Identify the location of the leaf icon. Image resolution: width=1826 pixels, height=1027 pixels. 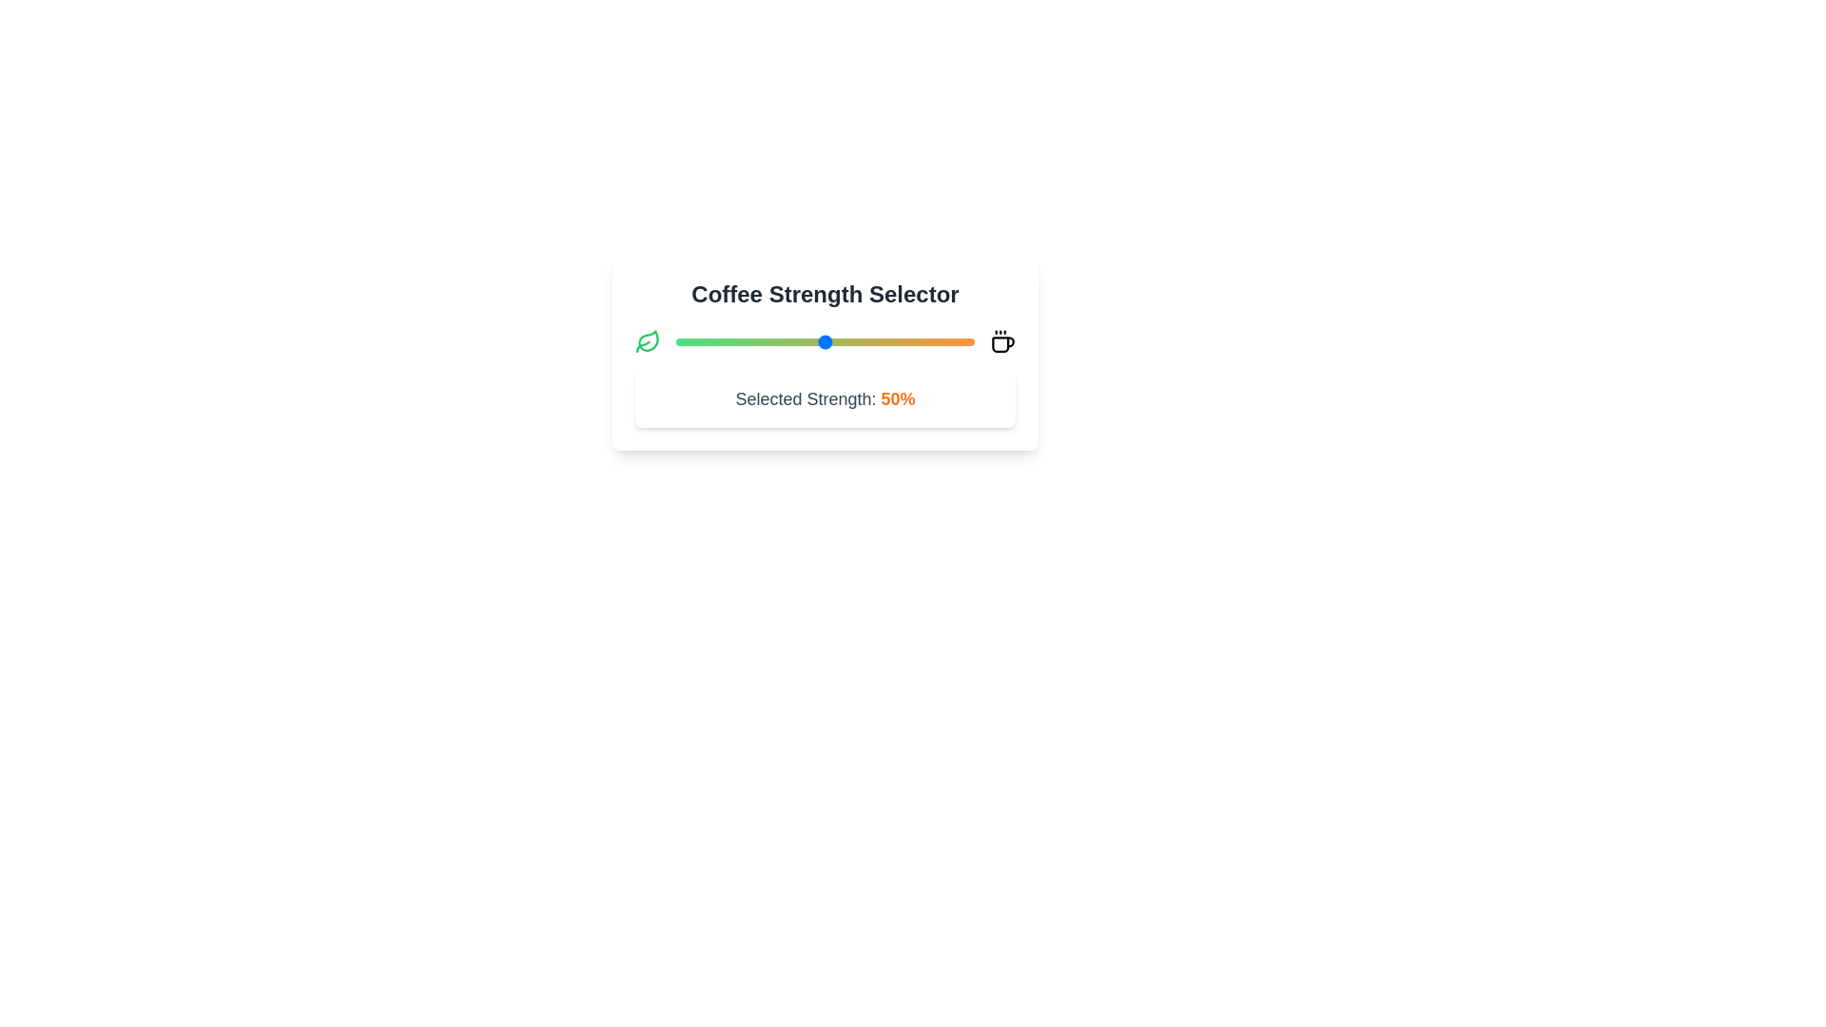
(648, 340).